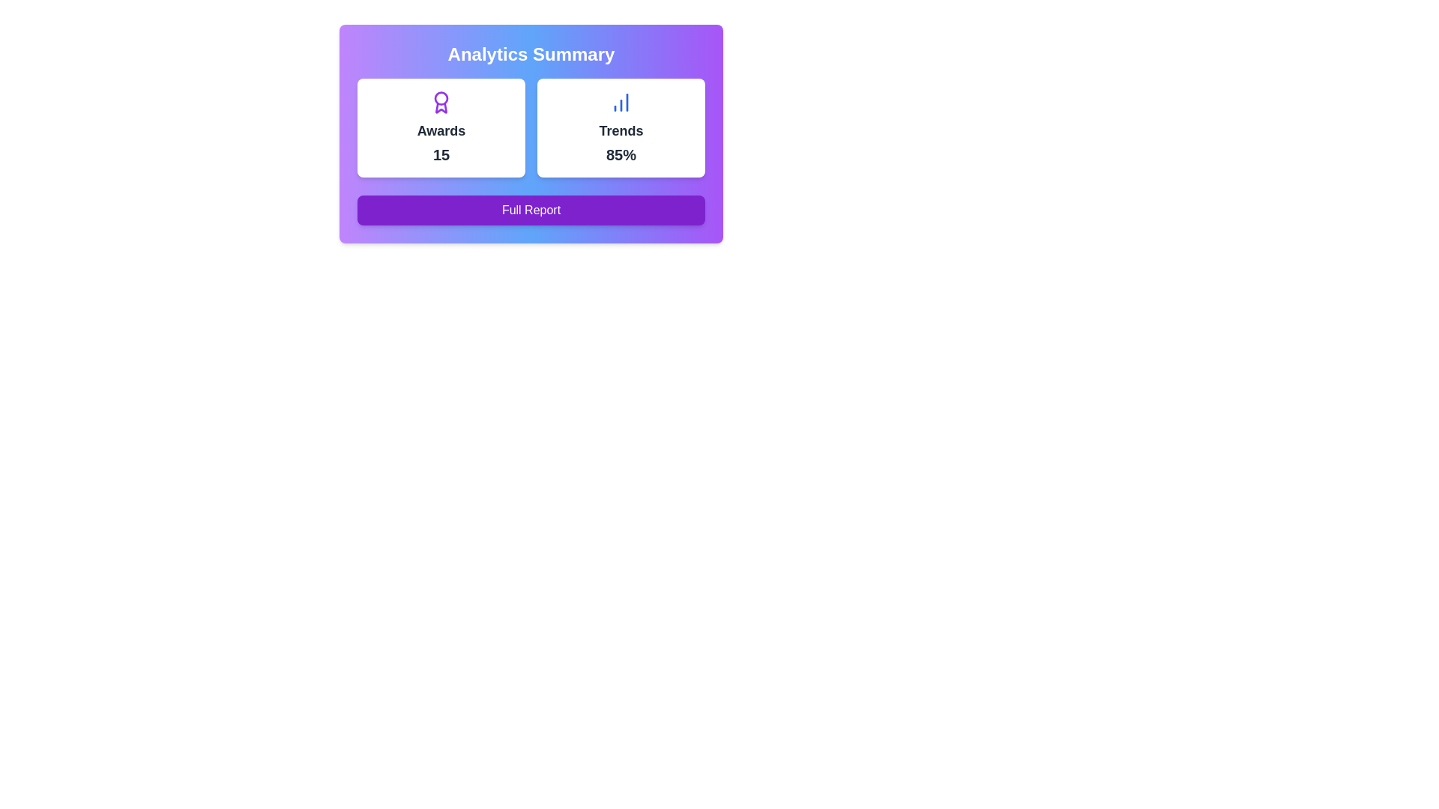 The height and width of the screenshot is (809, 1439). What do you see at coordinates (531, 210) in the screenshot?
I see `the purple 'Full Report' button located at the lowest point of the card layout` at bounding box center [531, 210].